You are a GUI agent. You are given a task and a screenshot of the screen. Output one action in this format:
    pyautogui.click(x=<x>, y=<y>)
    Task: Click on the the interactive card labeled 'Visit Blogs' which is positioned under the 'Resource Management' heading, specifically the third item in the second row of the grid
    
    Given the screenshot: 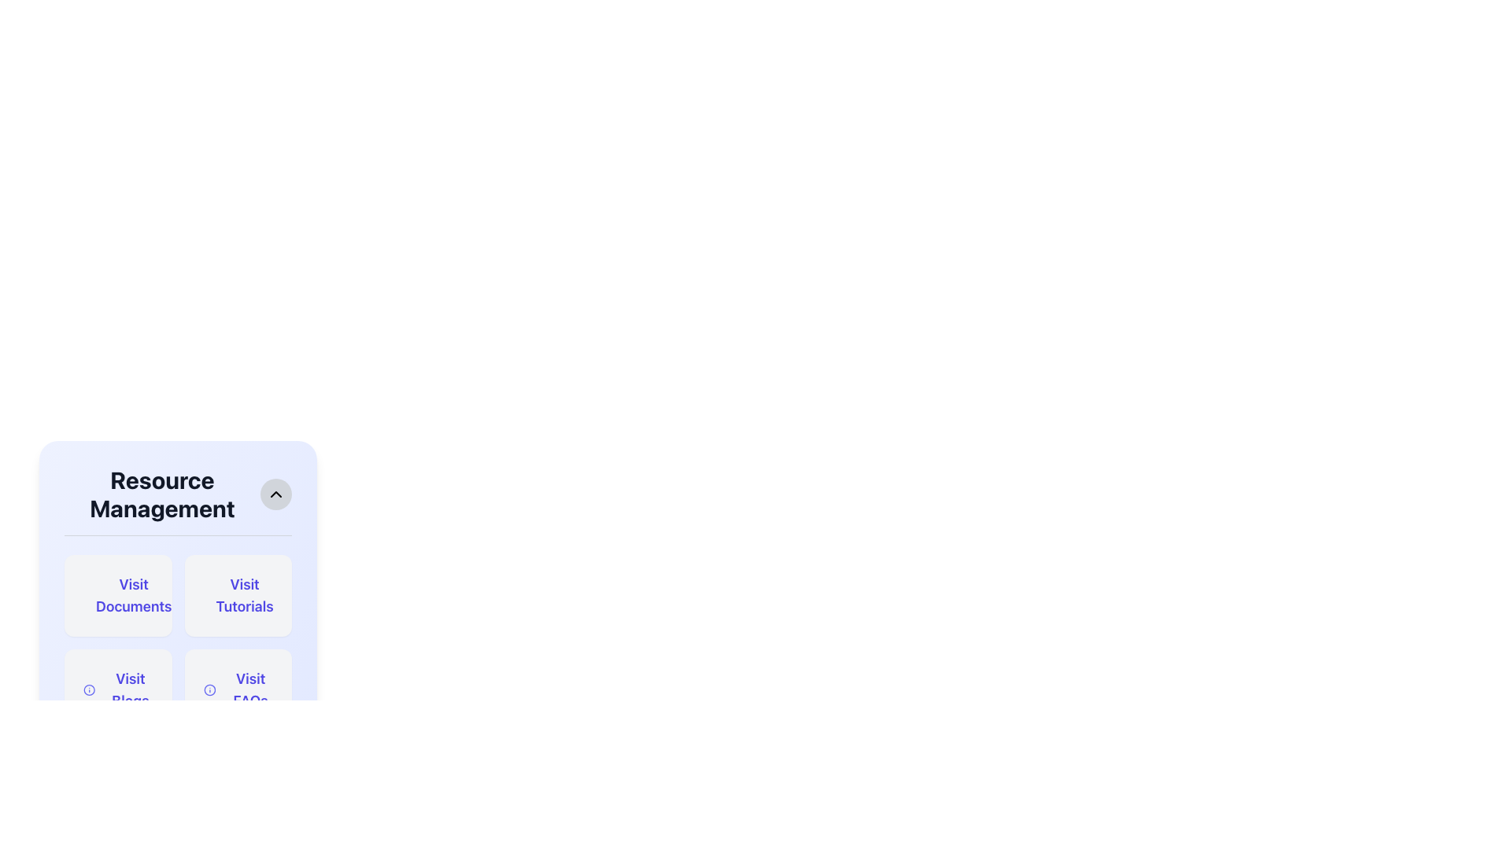 What is the action you would take?
    pyautogui.click(x=117, y=689)
    